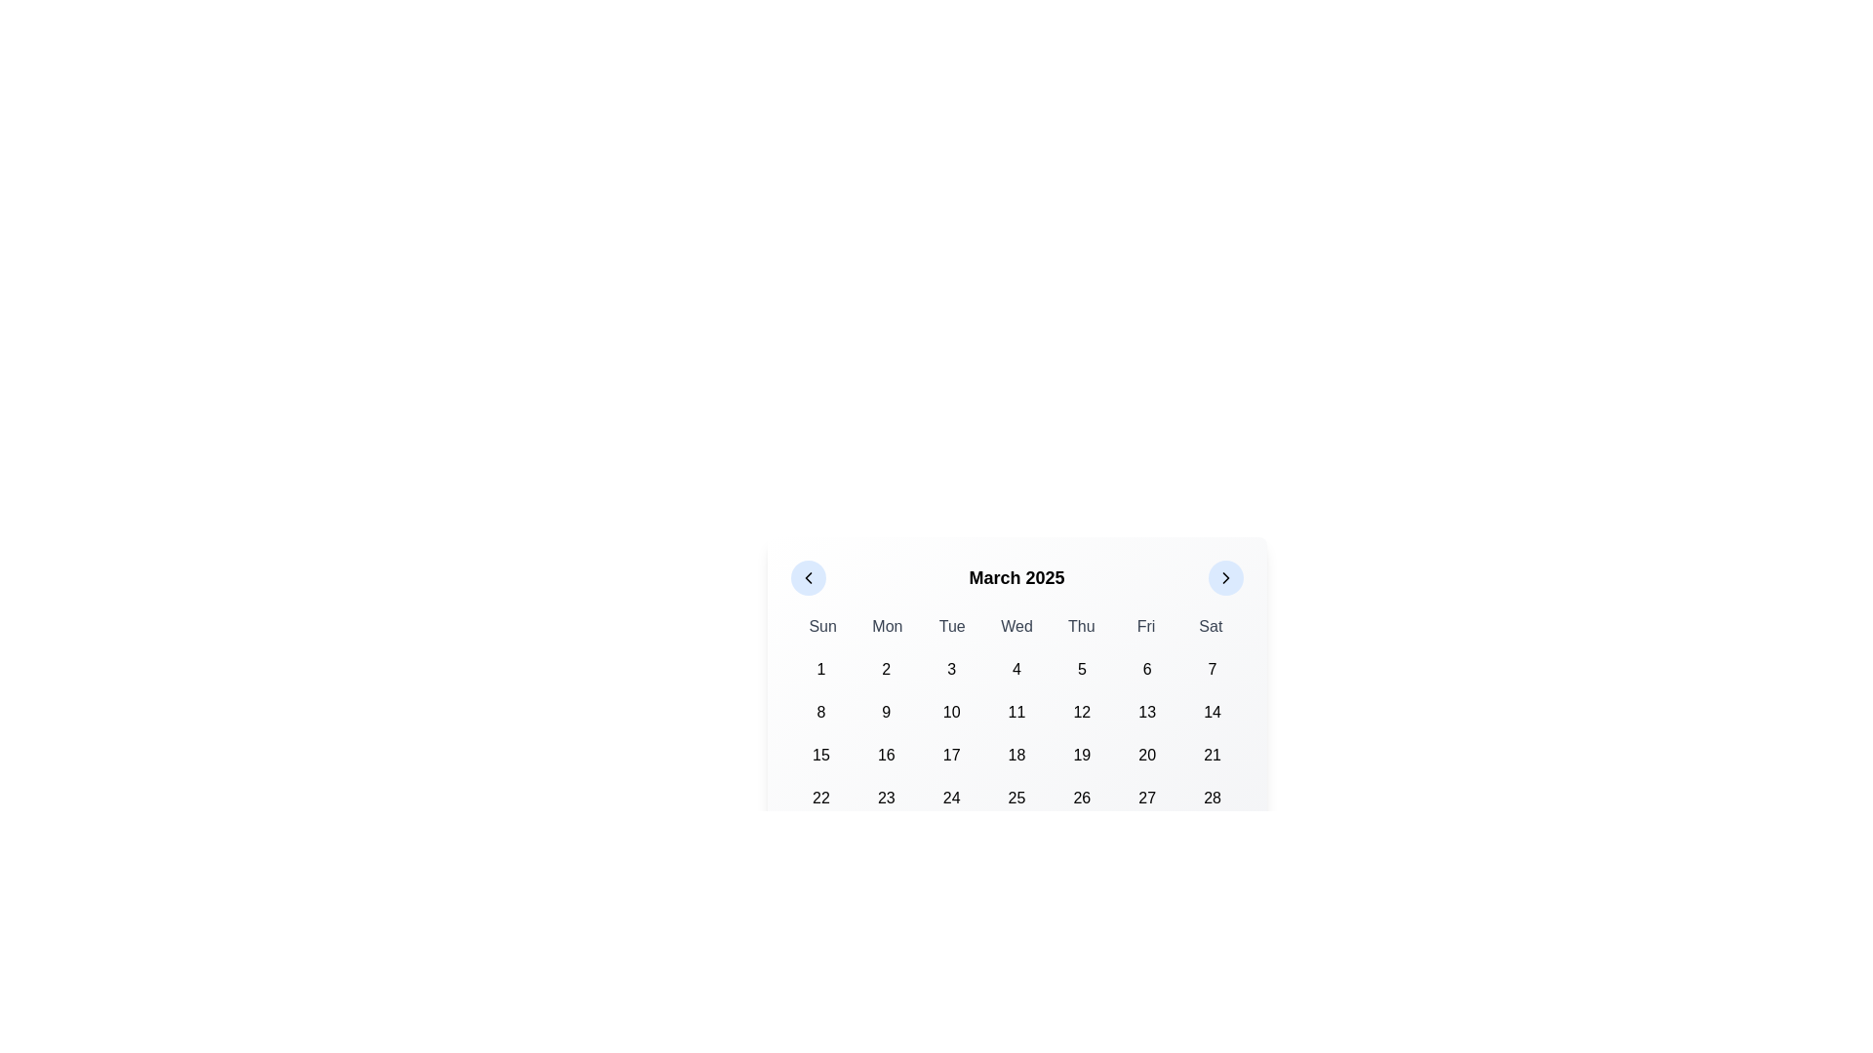  What do you see at coordinates (1016, 713) in the screenshot?
I see `the eleventh date button in the calendar interface under 'March 2025'` at bounding box center [1016, 713].